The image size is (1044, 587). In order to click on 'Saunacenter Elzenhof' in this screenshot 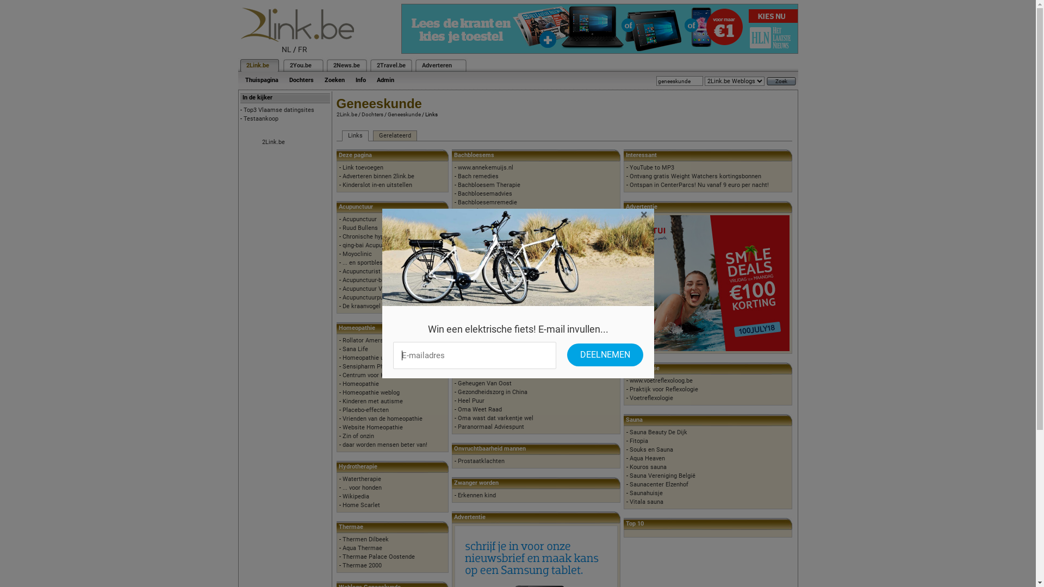, I will do `click(658, 484)`.